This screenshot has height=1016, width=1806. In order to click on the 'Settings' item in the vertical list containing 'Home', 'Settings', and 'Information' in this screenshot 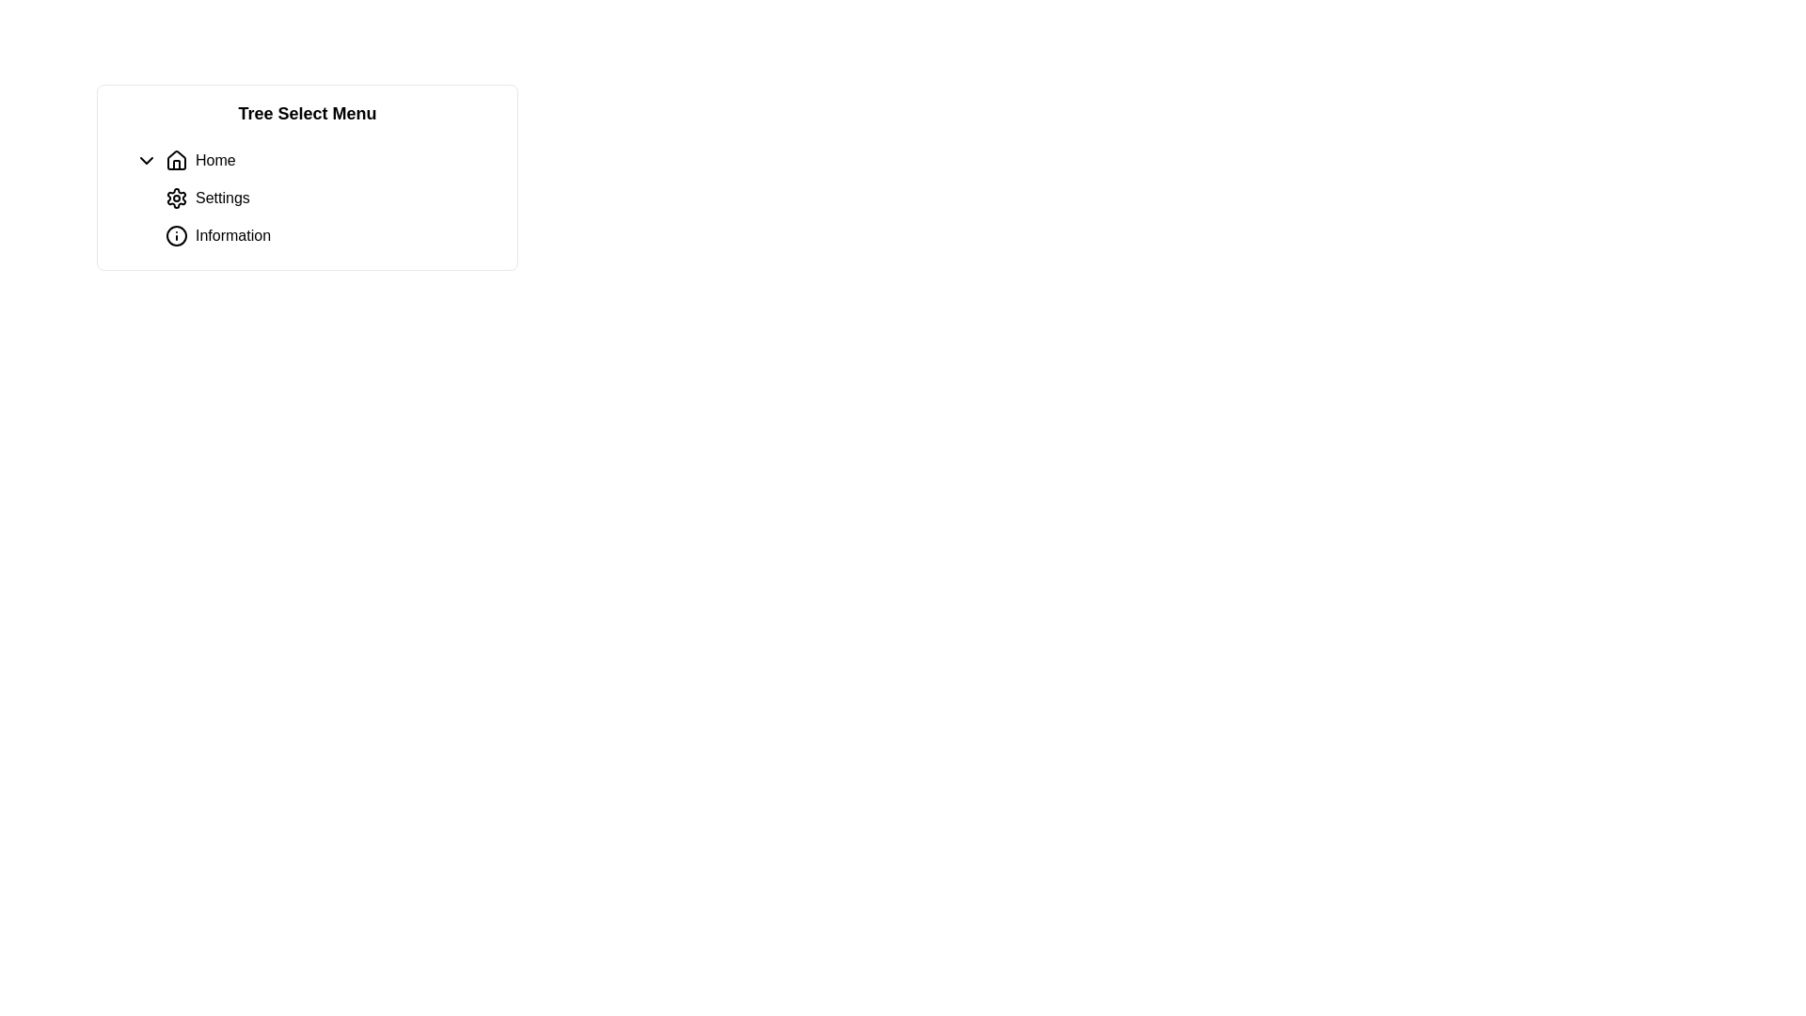, I will do `click(315, 198)`.